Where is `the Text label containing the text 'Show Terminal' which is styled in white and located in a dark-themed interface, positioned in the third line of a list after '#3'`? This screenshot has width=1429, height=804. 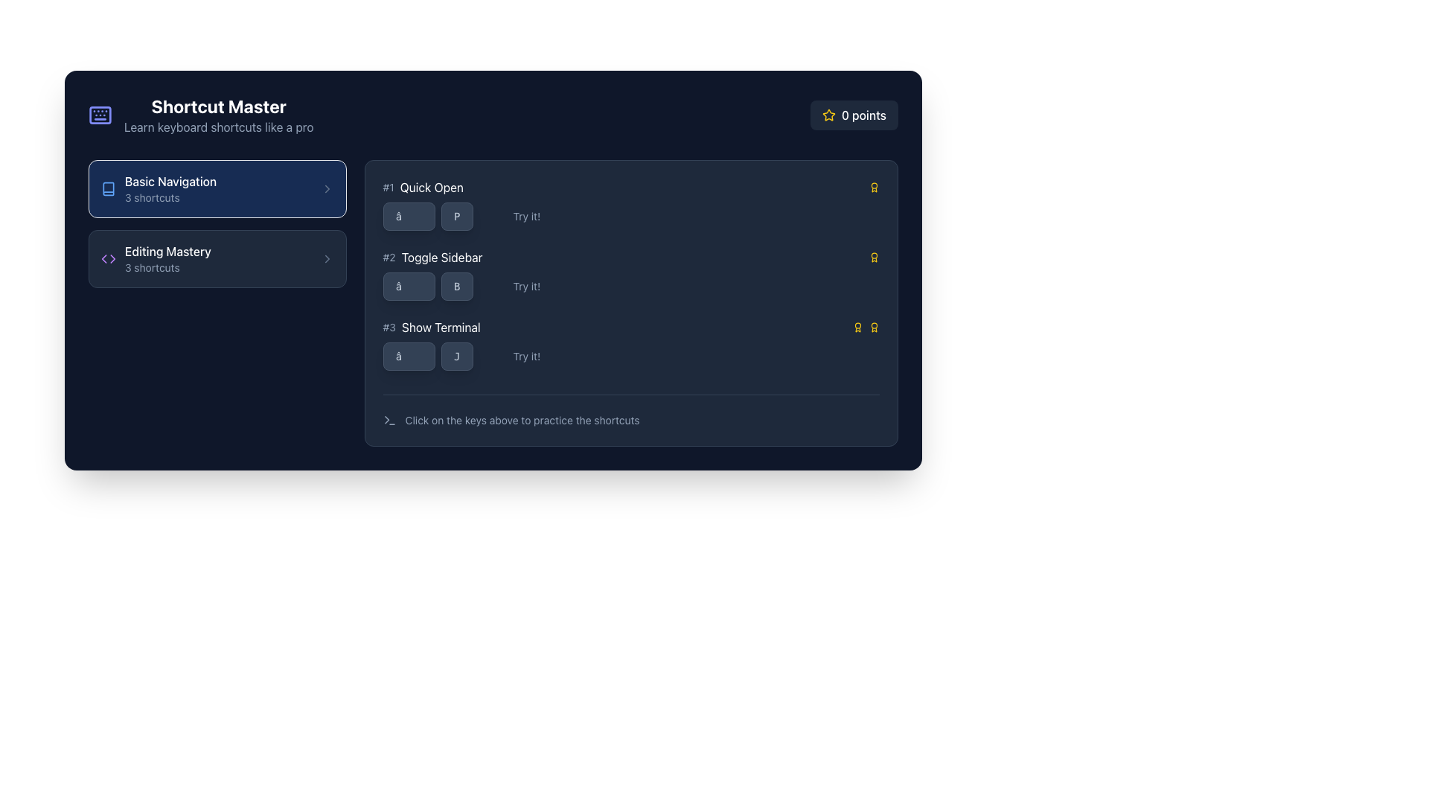
the Text label containing the text 'Show Terminal' which is styled in white and located in a dark-themed interface, positioned in the third line of a list after '#3' is located at coordinates (440, 326).